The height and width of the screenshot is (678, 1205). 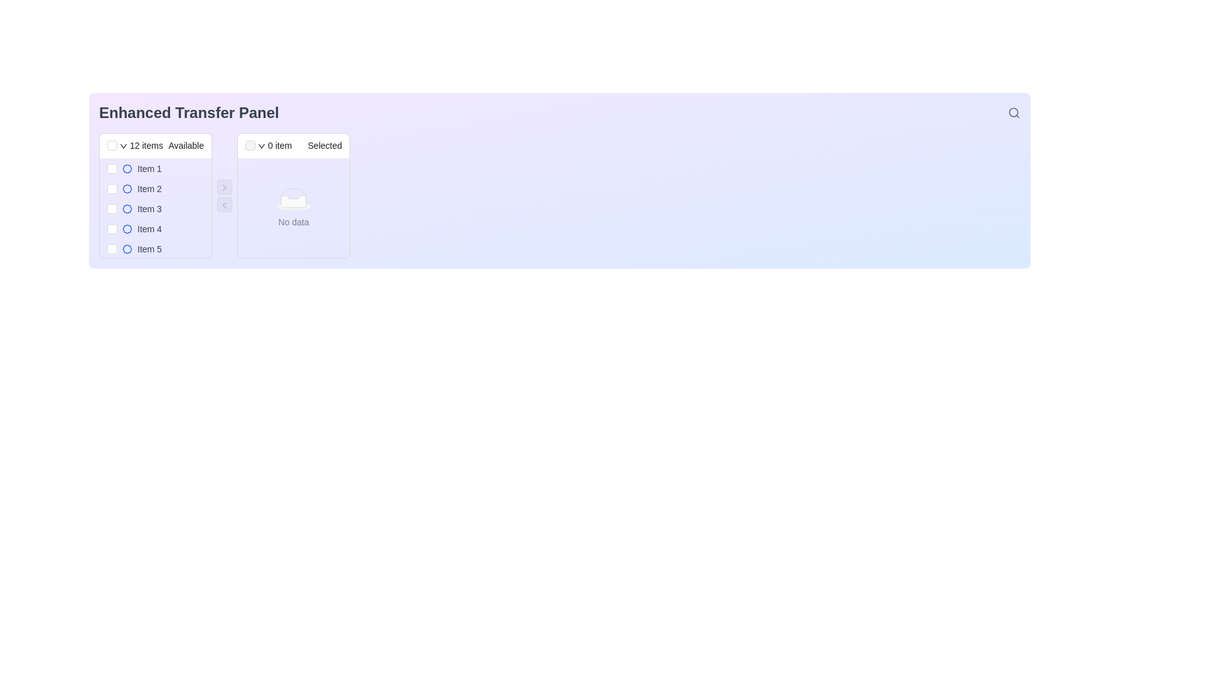 What do you see at coordinates (292, 207) in the screenshot?
I see `the Placeholder element that displays a message indicating no data available in the center of the 'Selected' list panel` at bounding box center [292, 207].